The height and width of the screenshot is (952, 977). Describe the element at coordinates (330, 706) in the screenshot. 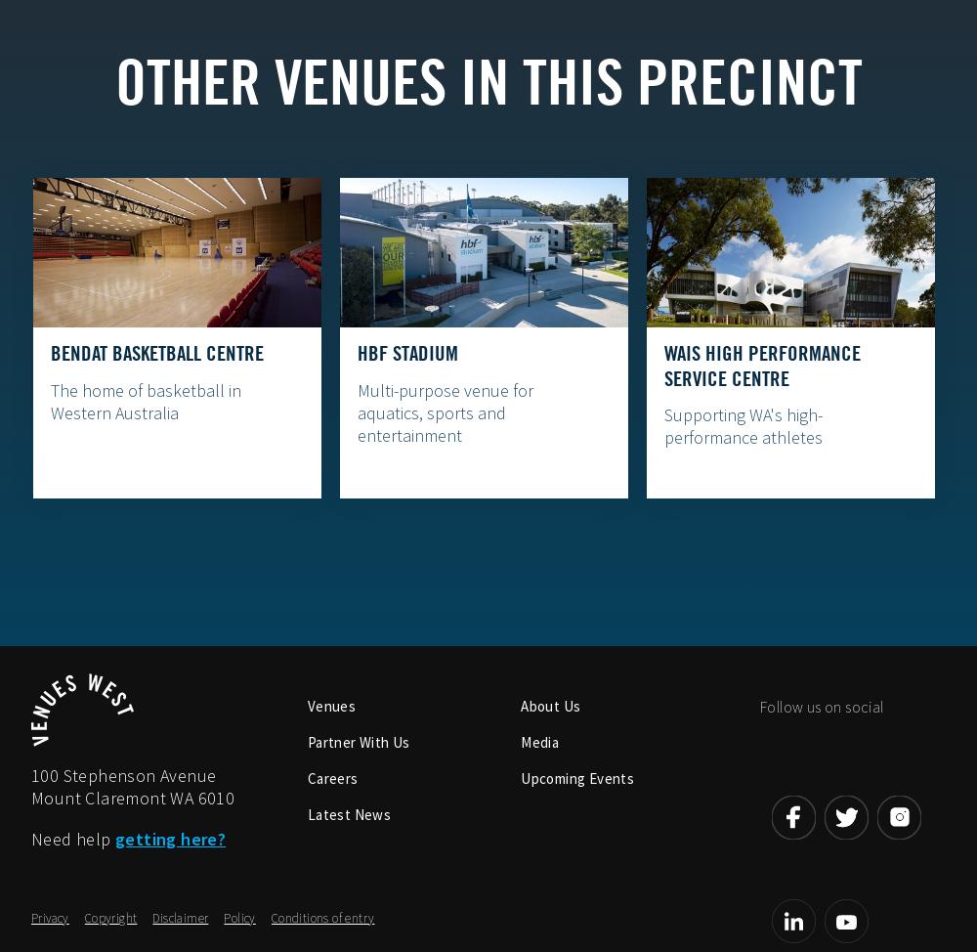

I see `'Venues'` at that location.